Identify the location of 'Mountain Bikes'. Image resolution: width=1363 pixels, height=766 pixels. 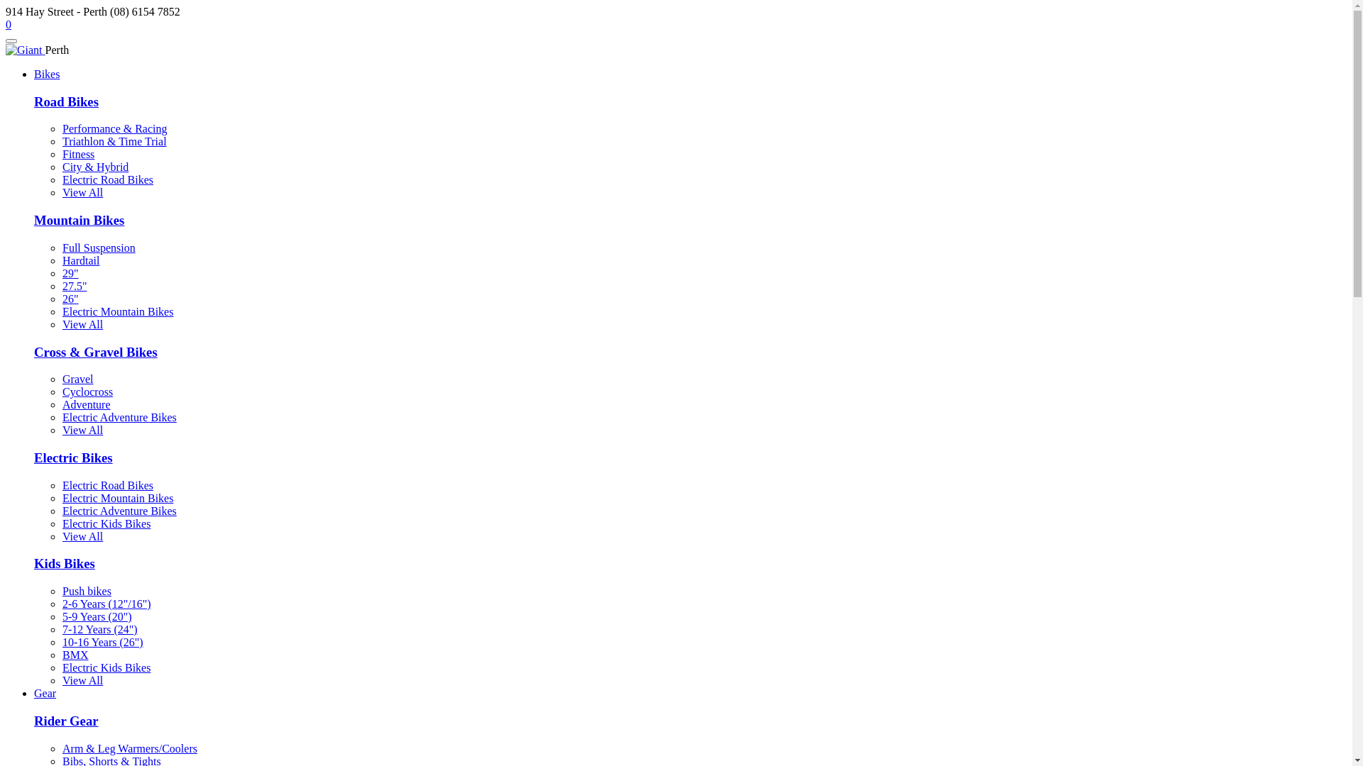
(78, 220).